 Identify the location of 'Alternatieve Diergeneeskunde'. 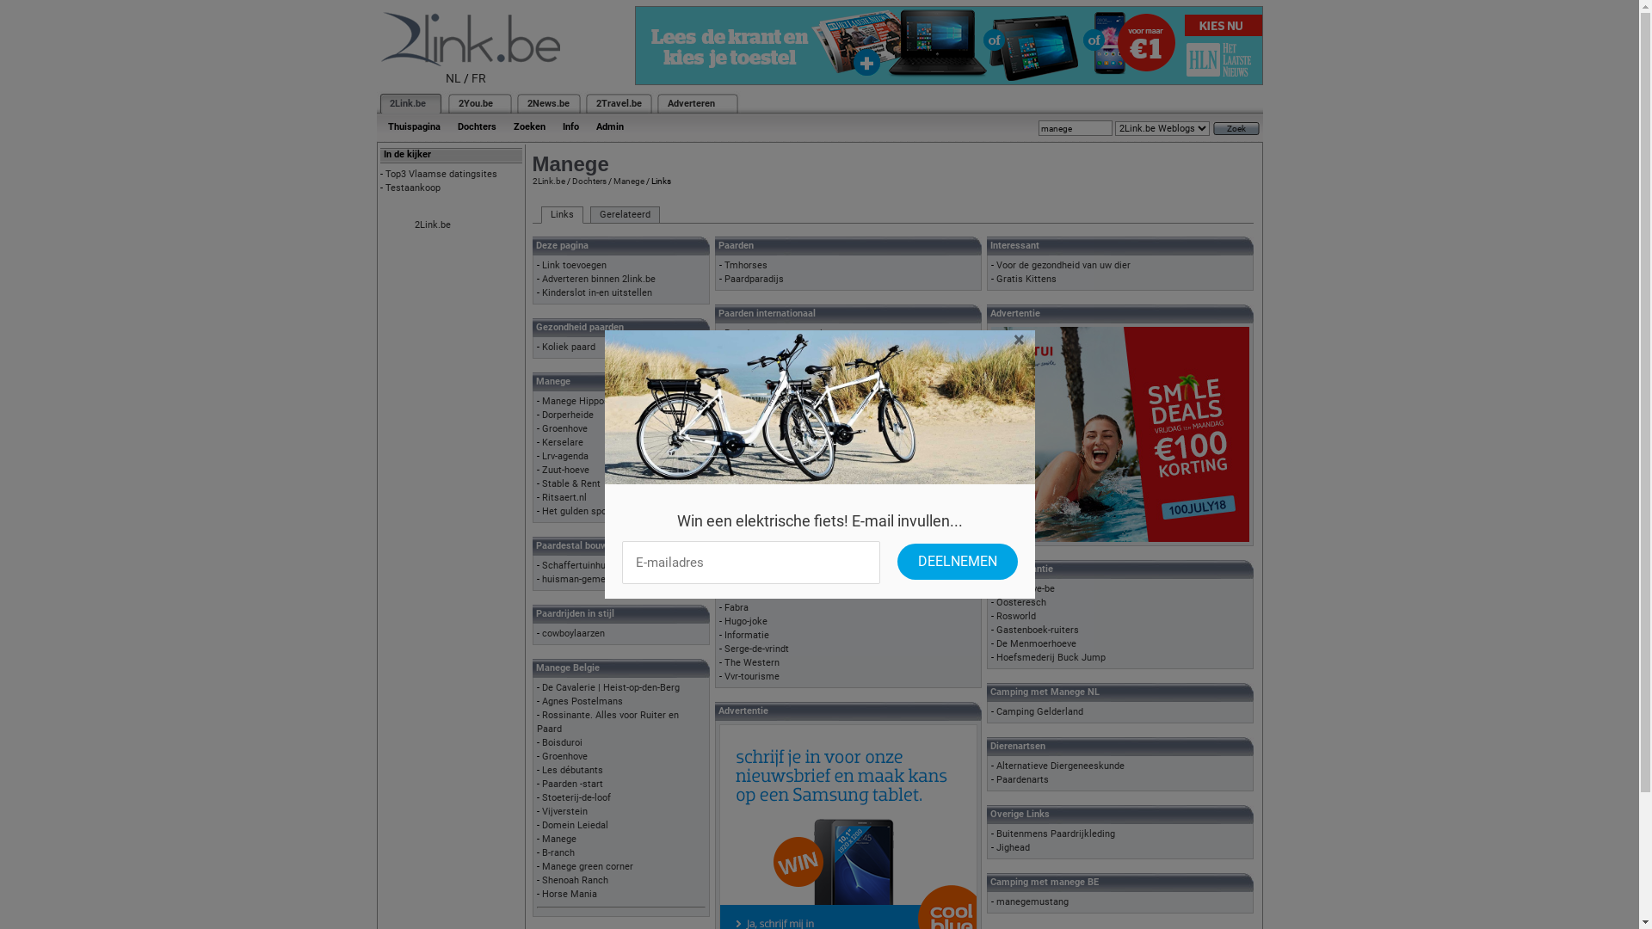
(996, 765).